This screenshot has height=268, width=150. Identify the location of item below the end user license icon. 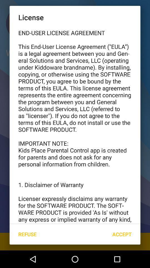
(27, 234).